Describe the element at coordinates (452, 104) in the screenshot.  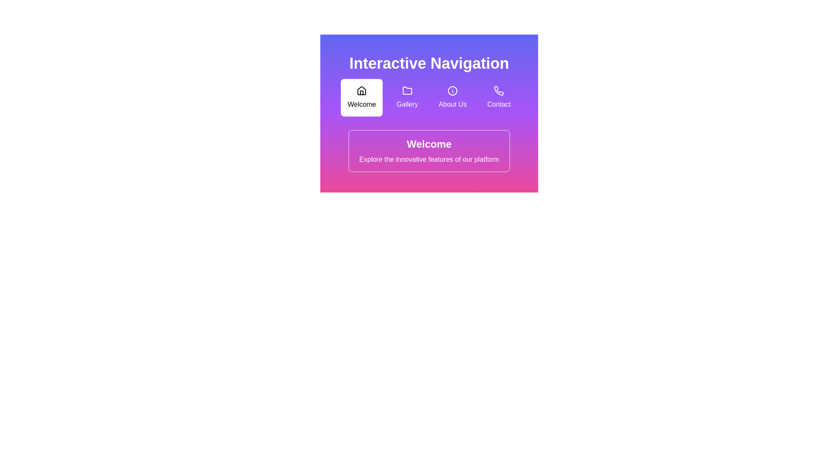
I see `the 'About Us' text label, which is styled with a modern sans-serif font and positioned below an information icon` at that location.